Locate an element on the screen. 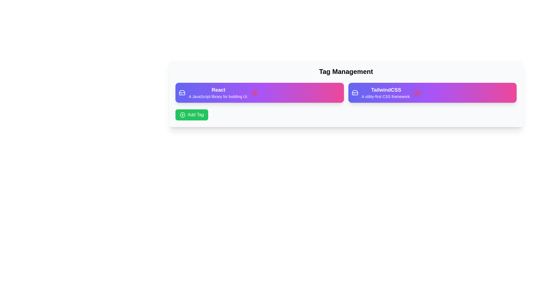 Image resolution: width=533 pixels, height=299 pixels. the storage hard drive icon located within the 'TailwindCSS' card under the 'Tag Management' heading, which is the first icon on the left is located at coordinates (355, 92).